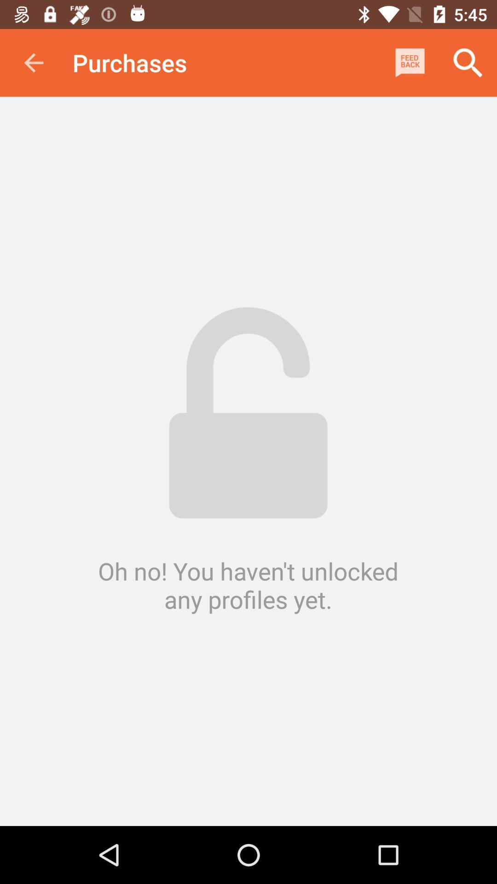 This screenshot has width=497, height=884. What do you see at coordinates (33, 62) in the screenshot?
I see `the icon next to purchases app` at bounding box center [33, 62].